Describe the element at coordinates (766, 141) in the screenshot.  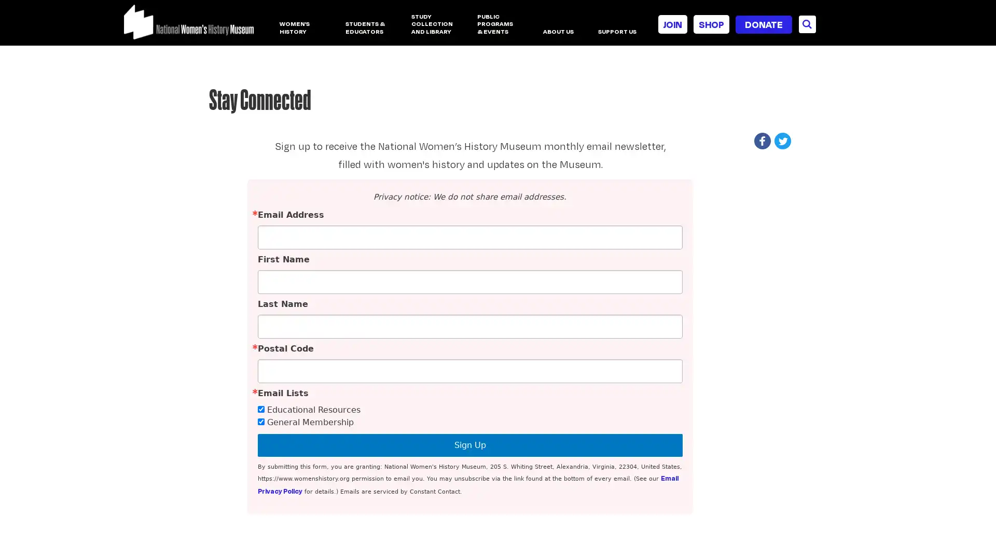
I see `Share to Facebook` at that location.